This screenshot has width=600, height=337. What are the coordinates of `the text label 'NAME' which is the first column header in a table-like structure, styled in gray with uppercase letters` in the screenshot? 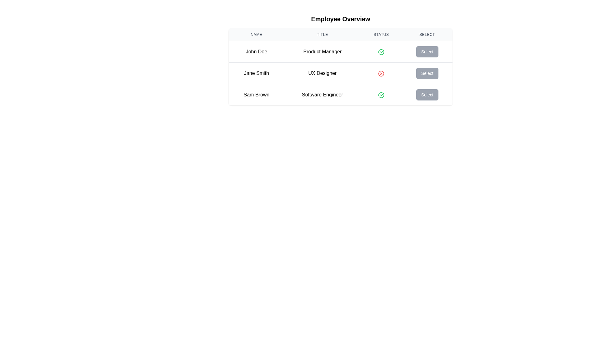 It's located at (256, 35).